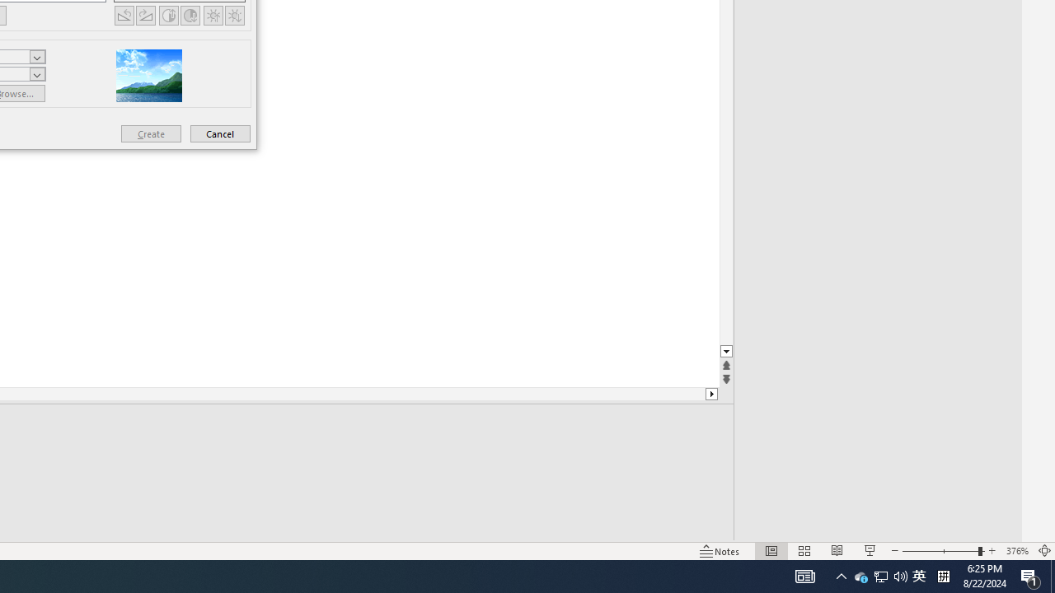  I want to click on 'More Brightness', so click(212, 15).